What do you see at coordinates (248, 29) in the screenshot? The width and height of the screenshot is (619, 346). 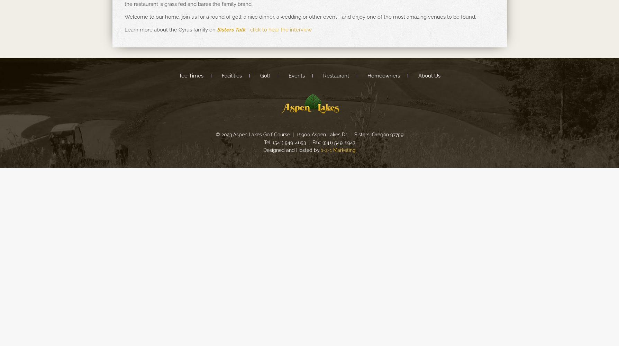 I see `'-'` at bounding box center [248, 29].